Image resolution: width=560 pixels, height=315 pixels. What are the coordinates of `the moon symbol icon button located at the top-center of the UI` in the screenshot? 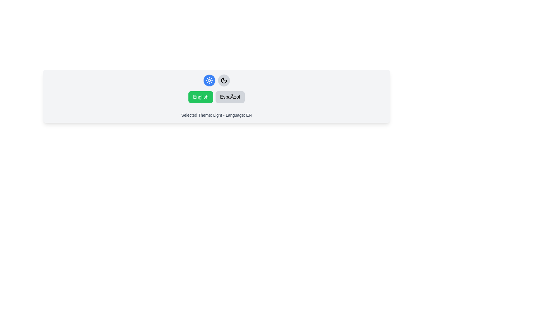 It's located at (223, 80).